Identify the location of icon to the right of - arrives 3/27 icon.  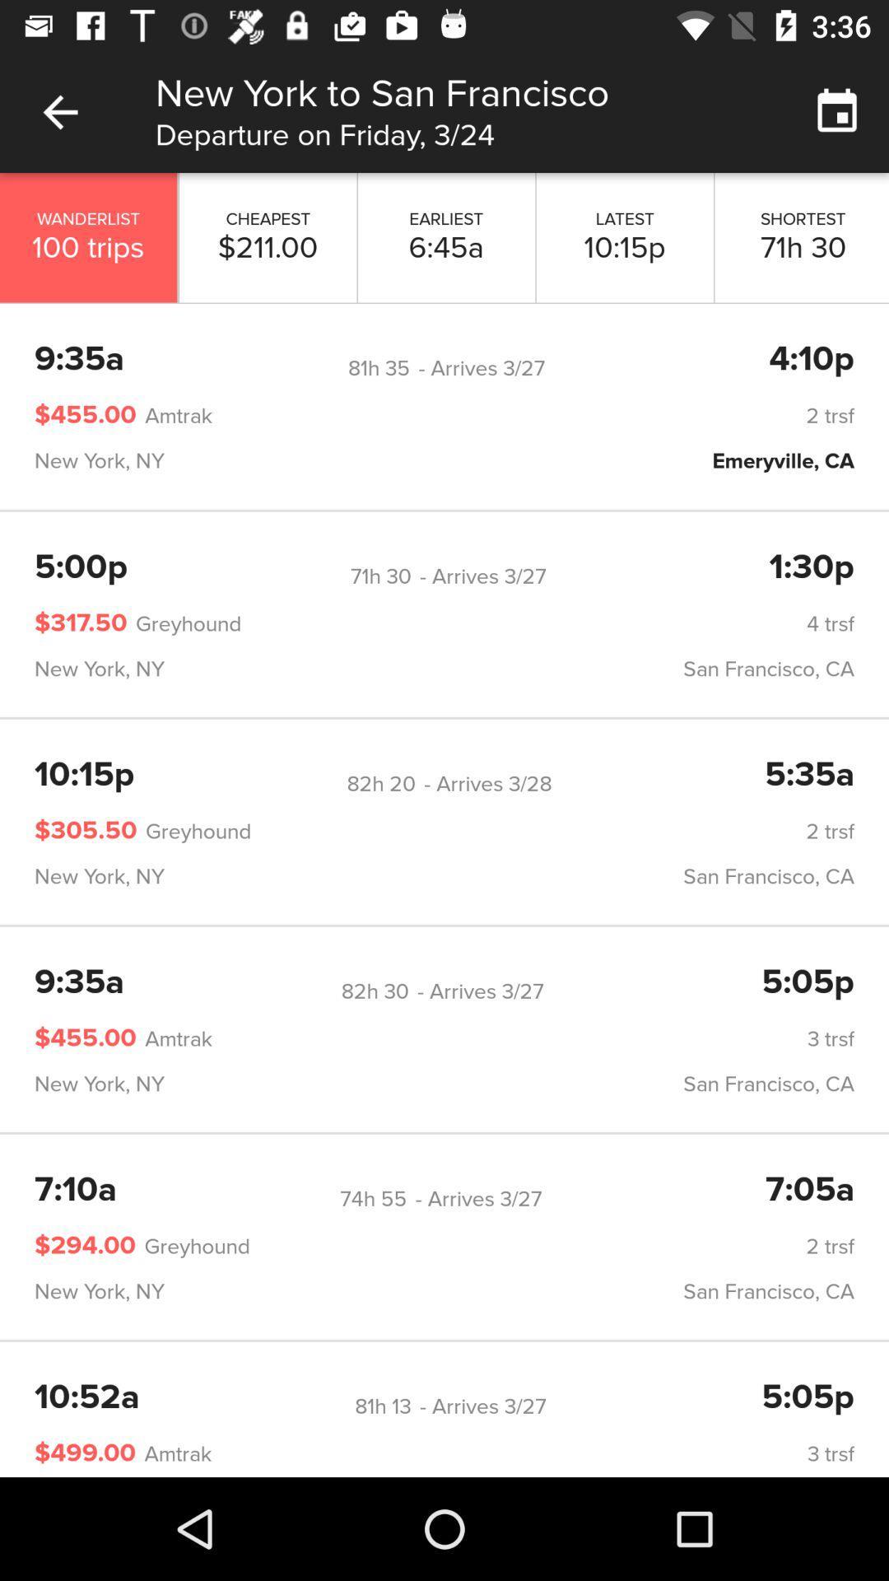
(811, 359).